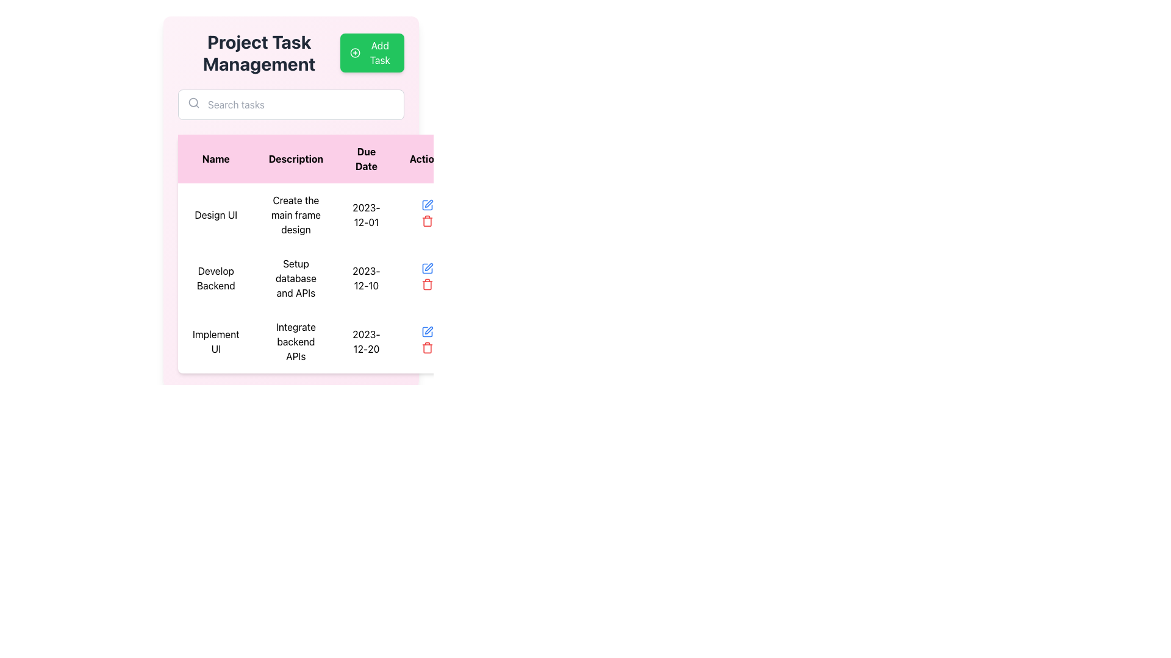  I want to click on the text label displaying 'Develop Backend', which is located in the 'Name' column of the table, specifically the second row below 'Design UI', so click(216, 278).